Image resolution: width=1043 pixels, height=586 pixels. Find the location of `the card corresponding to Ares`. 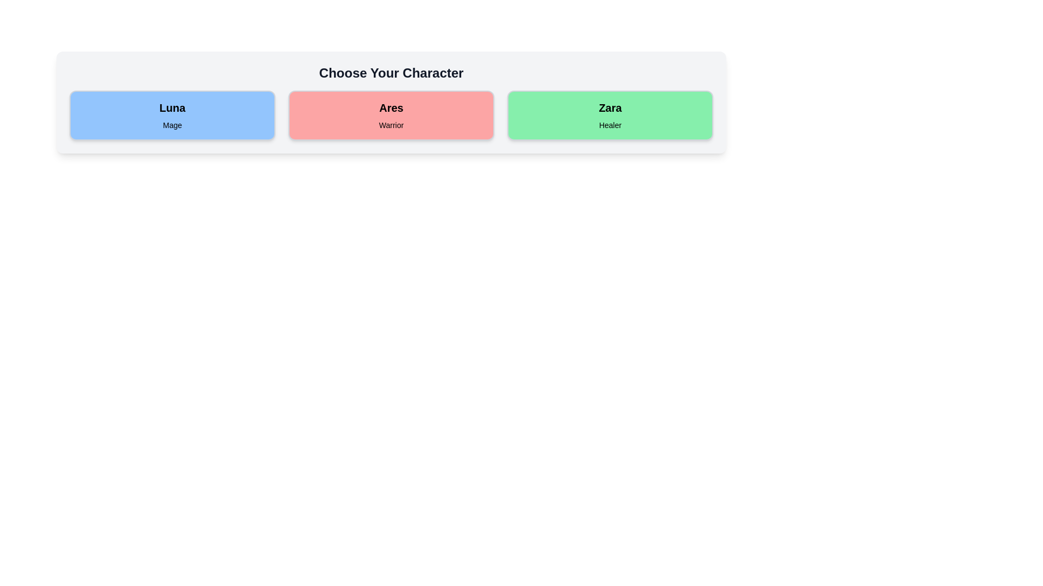

the card corresponding to Ares is located at coordinates (391, 115).